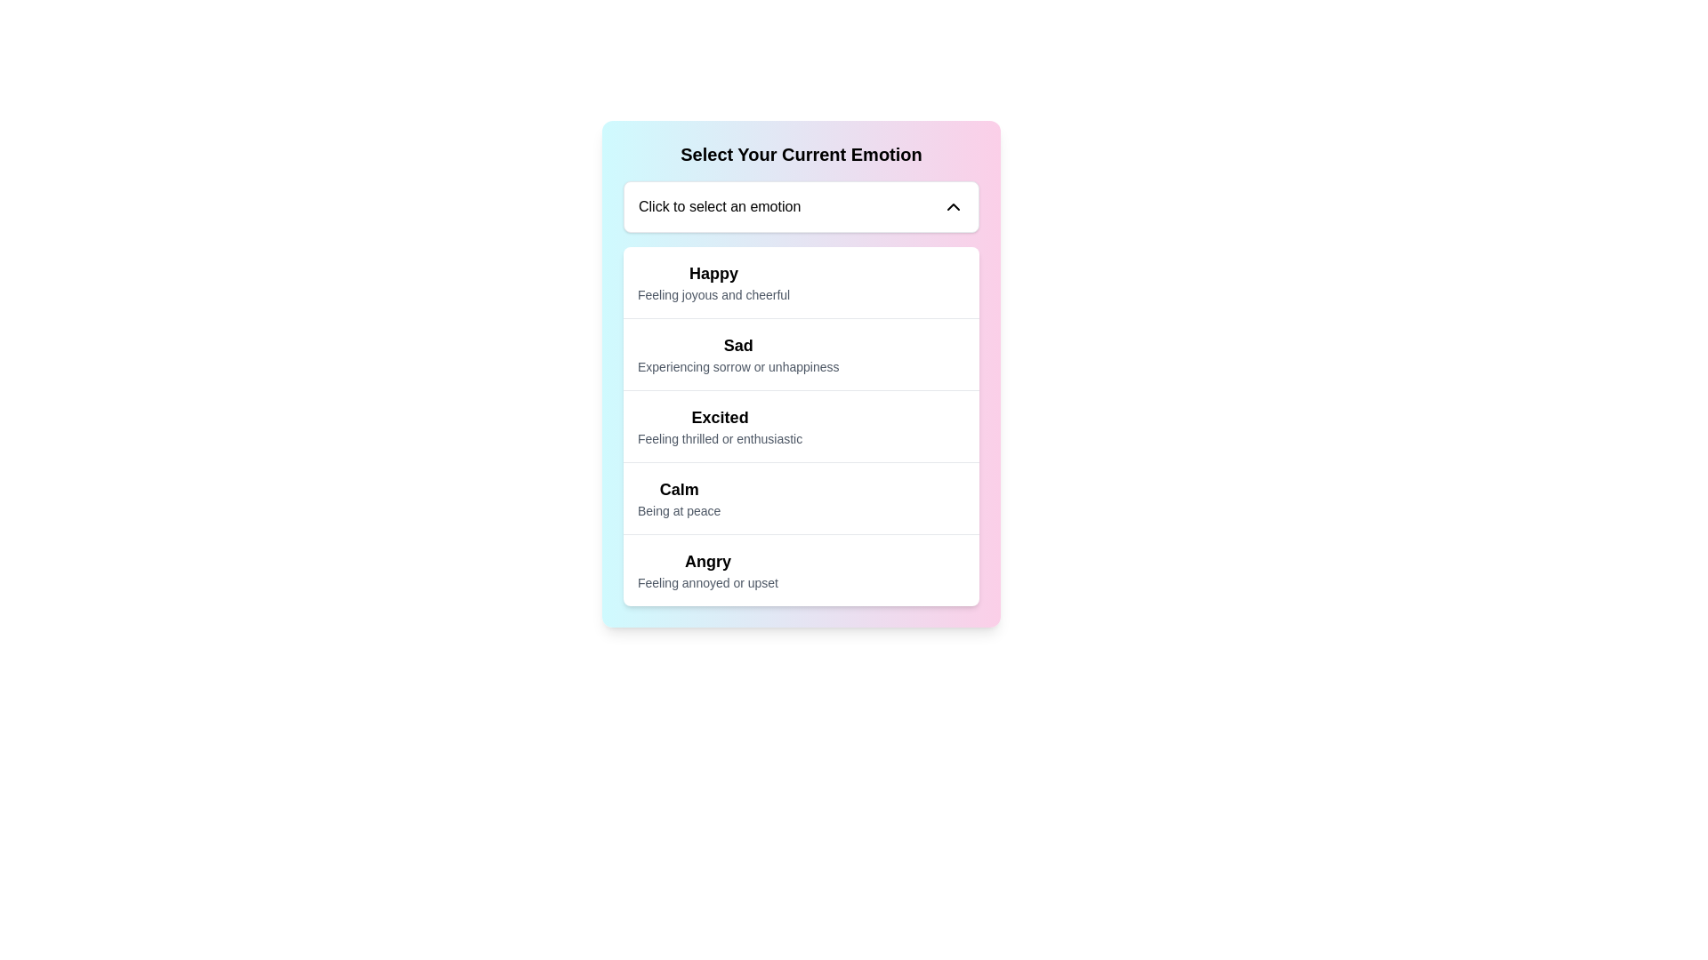 The width and height of the screenshot is (1708, 960). Describe the element at coordinates (678, 510) in the screenshot. I see `static text label that displays 'Being at peace', which is styled with a small font size and gray color, located directly below the title 'Calm' in the emotions list` at that location.